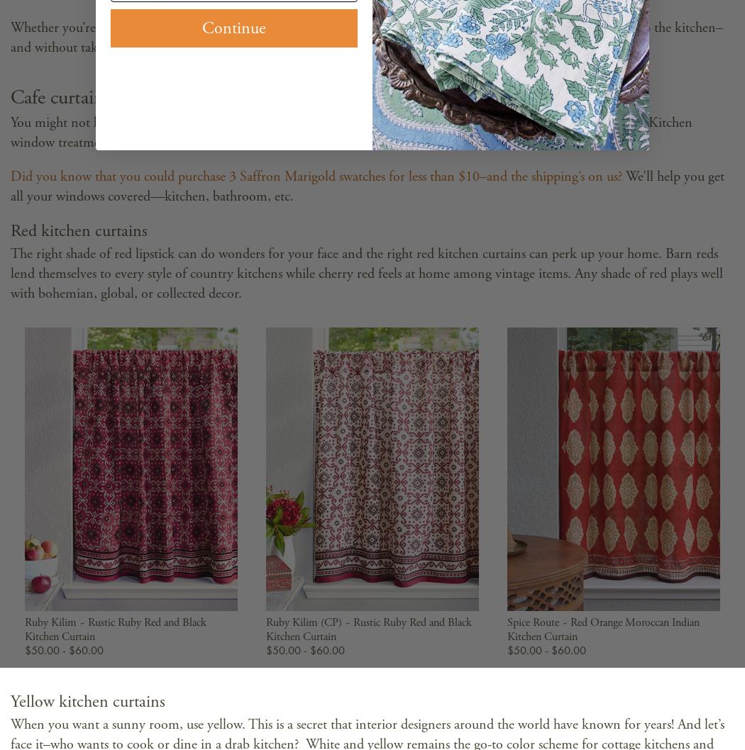 The height and width of the screenshot is (750, 745). What do you see at coordinates (602, 629) in the screenshot?
I see `'Spice Route ~ Red Orange Moroccan Indian Kitchen Curtain'` at bounding box center [602, 629].